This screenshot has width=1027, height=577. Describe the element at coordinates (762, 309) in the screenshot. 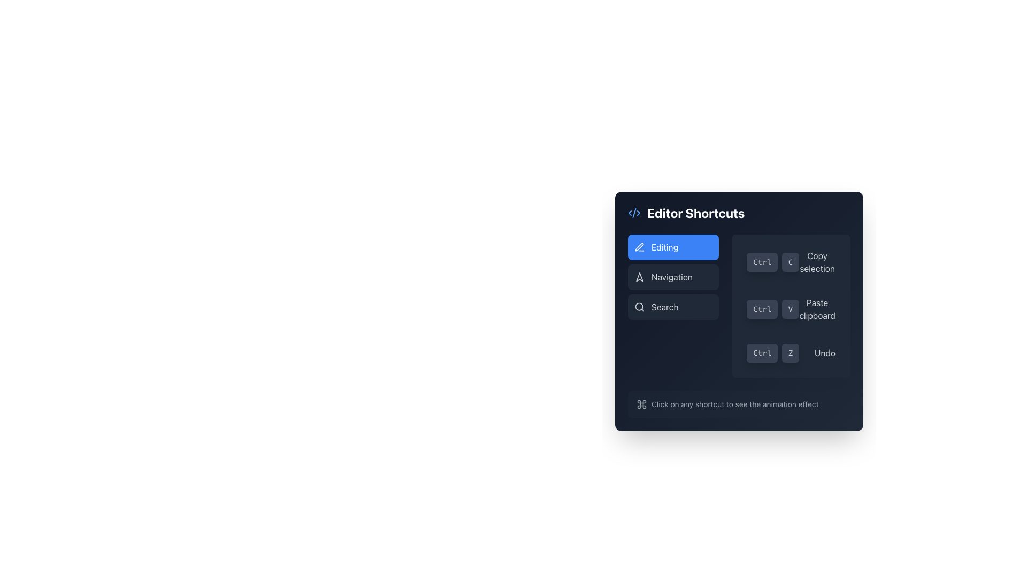

I see `the button-like label with the text 'Ctrl', which is styled with a gray background and rounded corners, located centrally in the shortcut display panel` at that location.